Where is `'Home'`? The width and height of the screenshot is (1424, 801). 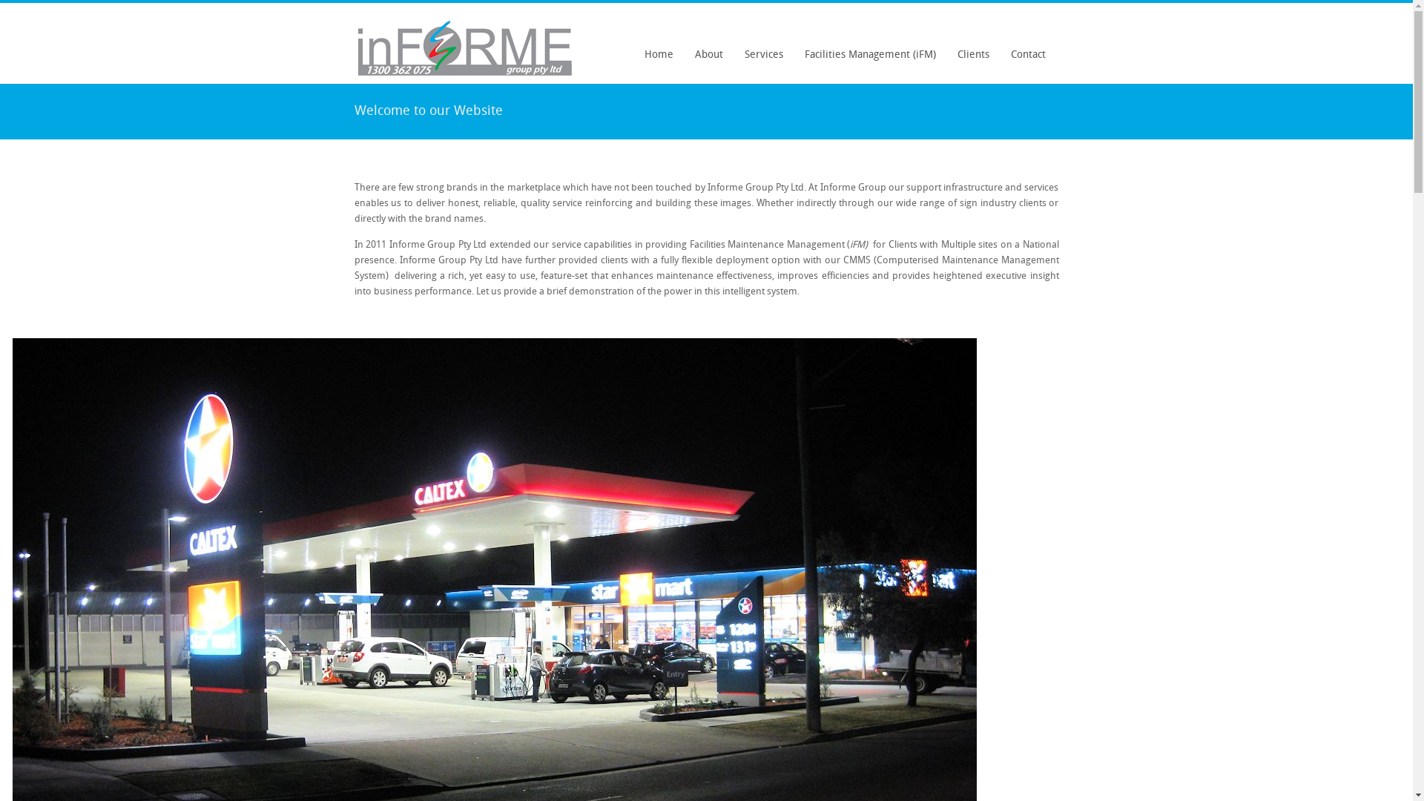 'Home' is located at coordinates (658, 54).